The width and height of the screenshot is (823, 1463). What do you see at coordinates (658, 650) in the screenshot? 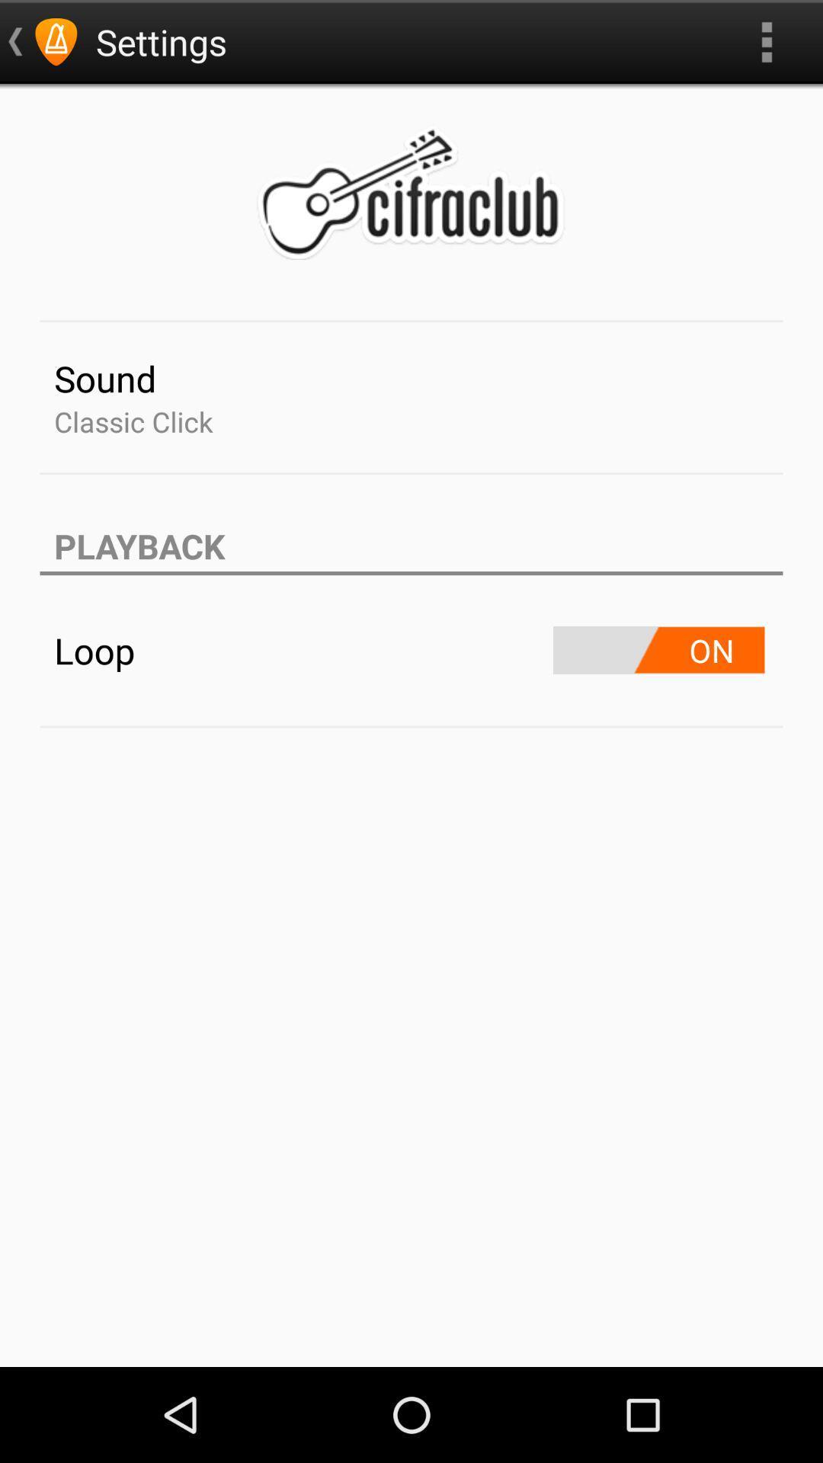
I see `loop` at bounding box center [658, 650].